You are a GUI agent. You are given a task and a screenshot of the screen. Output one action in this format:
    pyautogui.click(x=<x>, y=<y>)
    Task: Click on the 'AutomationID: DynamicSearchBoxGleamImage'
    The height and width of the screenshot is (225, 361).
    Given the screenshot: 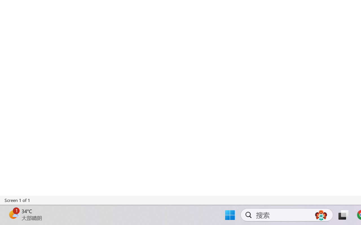 What is the action you would take?
    pyautogui.click(x=321, y=215)
    